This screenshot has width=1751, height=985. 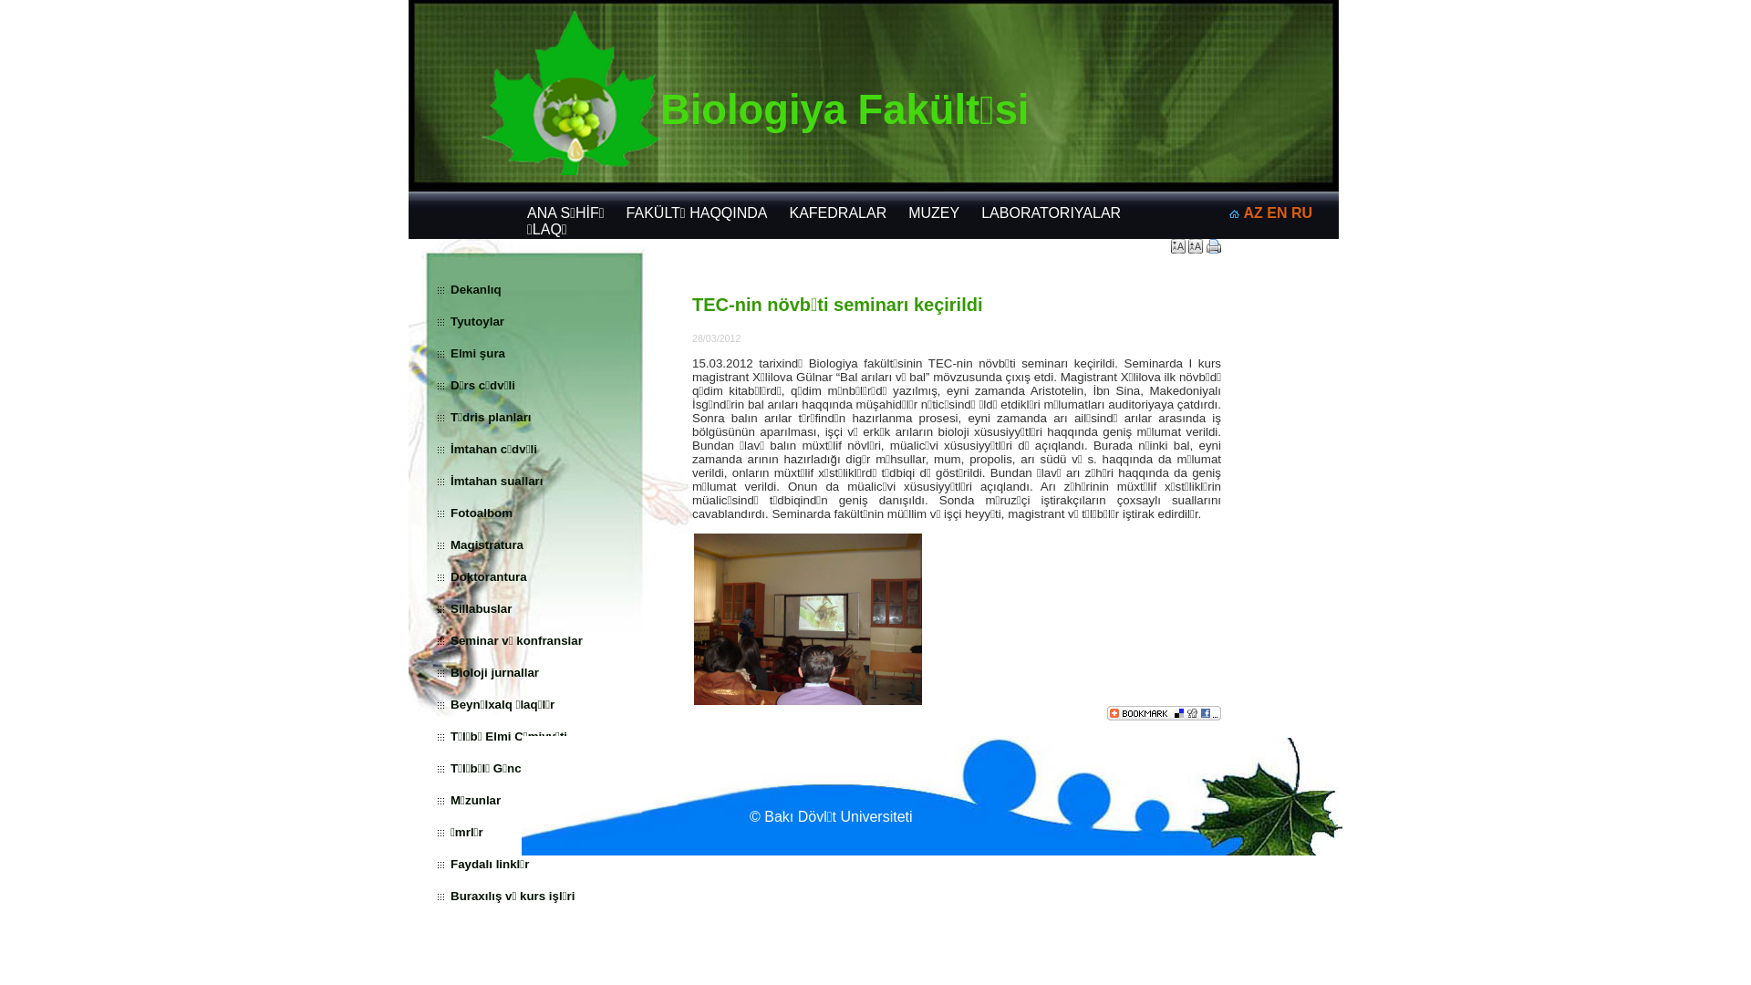 What do you see at coordinates (481, 608) in the screenshot?
I see `'Sillabuslar'` at bounding box center [481, 608].